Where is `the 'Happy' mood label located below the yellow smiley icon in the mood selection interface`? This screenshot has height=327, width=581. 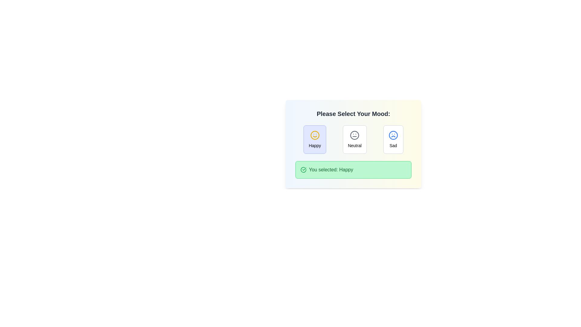 the 'Happy' mood label located below the yellow smiley icon in the mood selection interface is located at coordinates (315, 146).